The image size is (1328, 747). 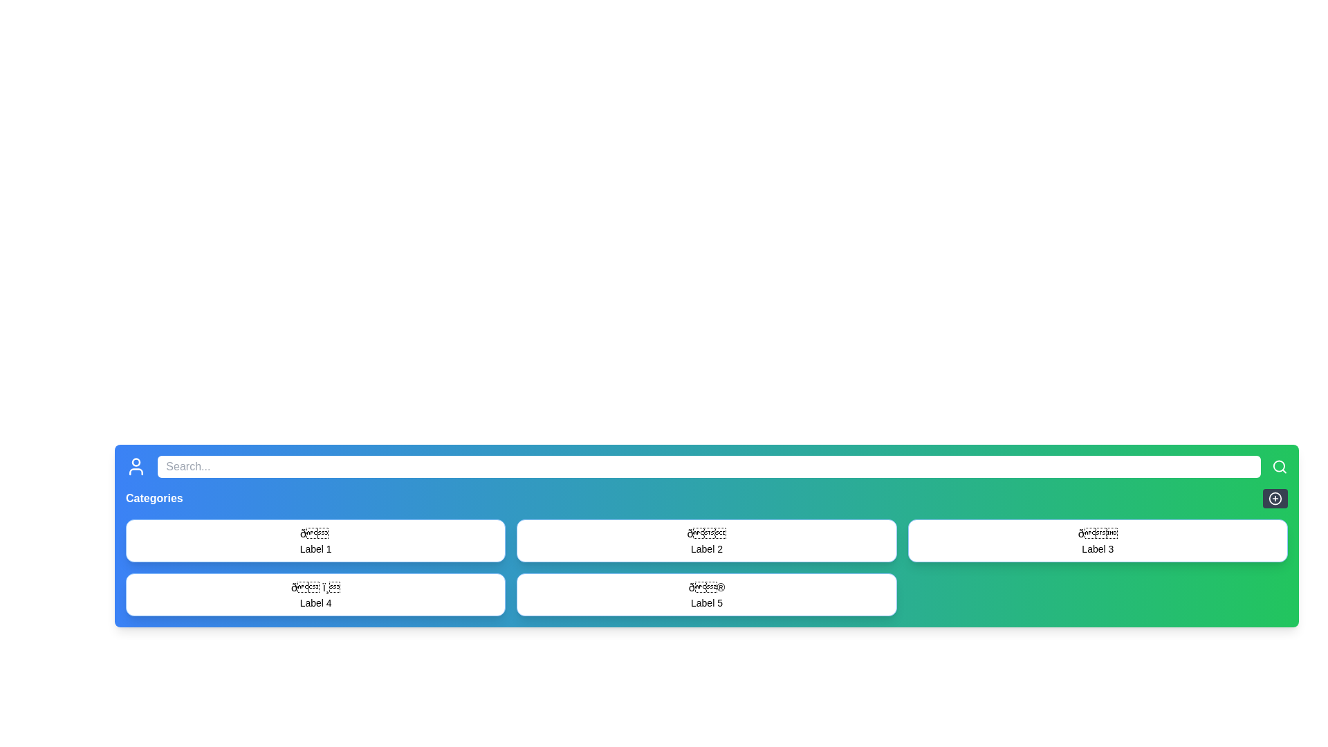 What do you see at coordinates (136, 467) in the screenshot?
I see `the user profile icon located at the far left of the horizontal navigation bar` at bounding box center [136, 467].